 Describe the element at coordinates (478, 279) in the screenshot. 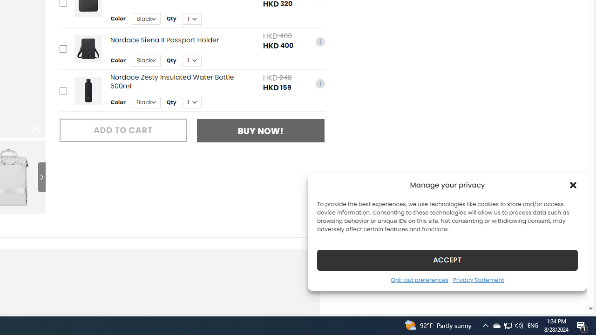

I see `'Privacy Statement'` at that location.